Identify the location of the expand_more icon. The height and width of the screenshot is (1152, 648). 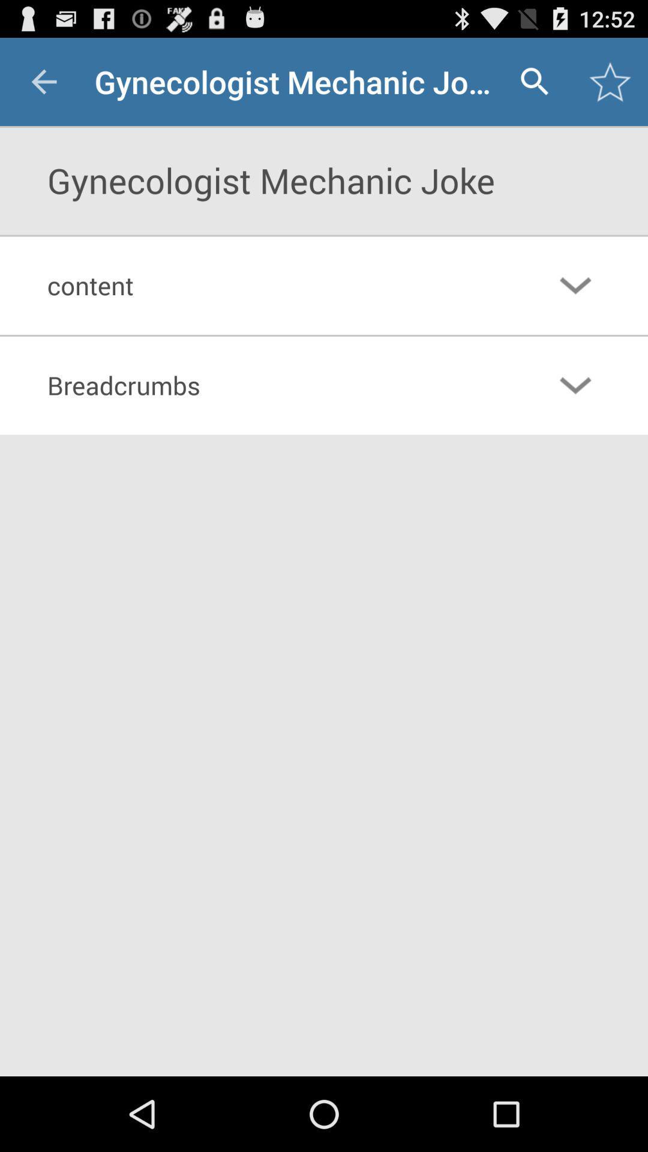
(575, 305).